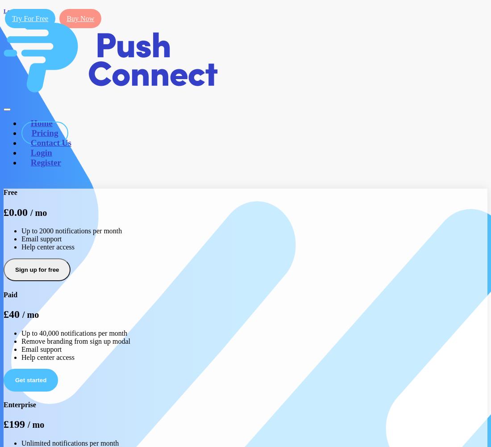  What do you see at coordinates (21, 231) in the screenshot?
I see `'Up to 2000 notifications per month'` at bounding box center [21, 231].